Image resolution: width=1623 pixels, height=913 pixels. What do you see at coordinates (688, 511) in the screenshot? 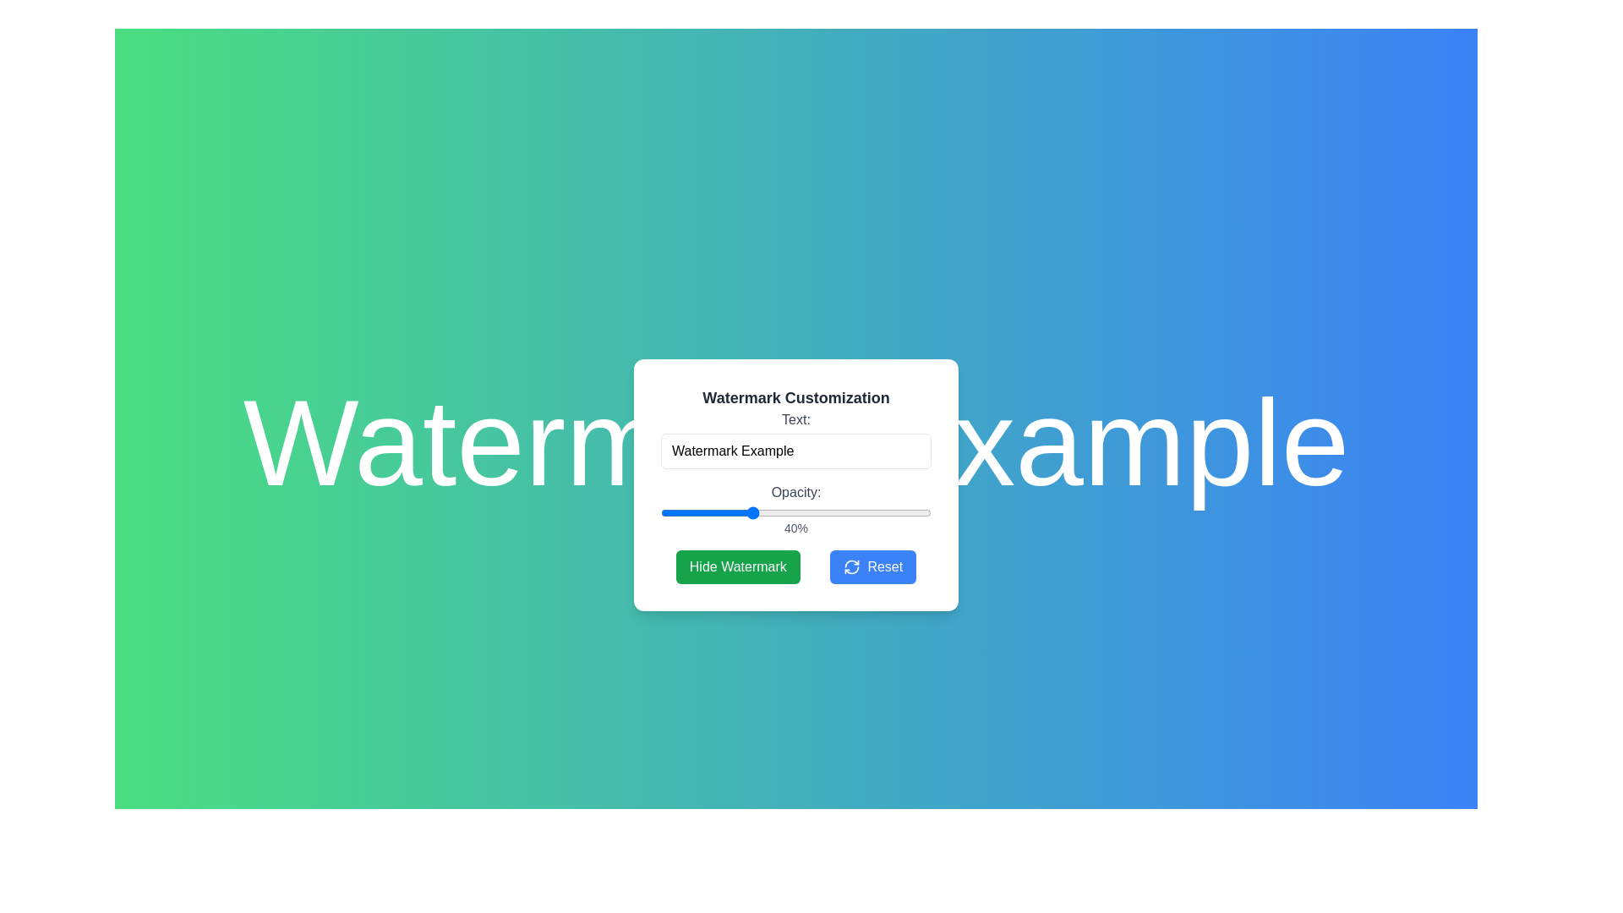
I see `opacity` at bounding box center [688, 511].